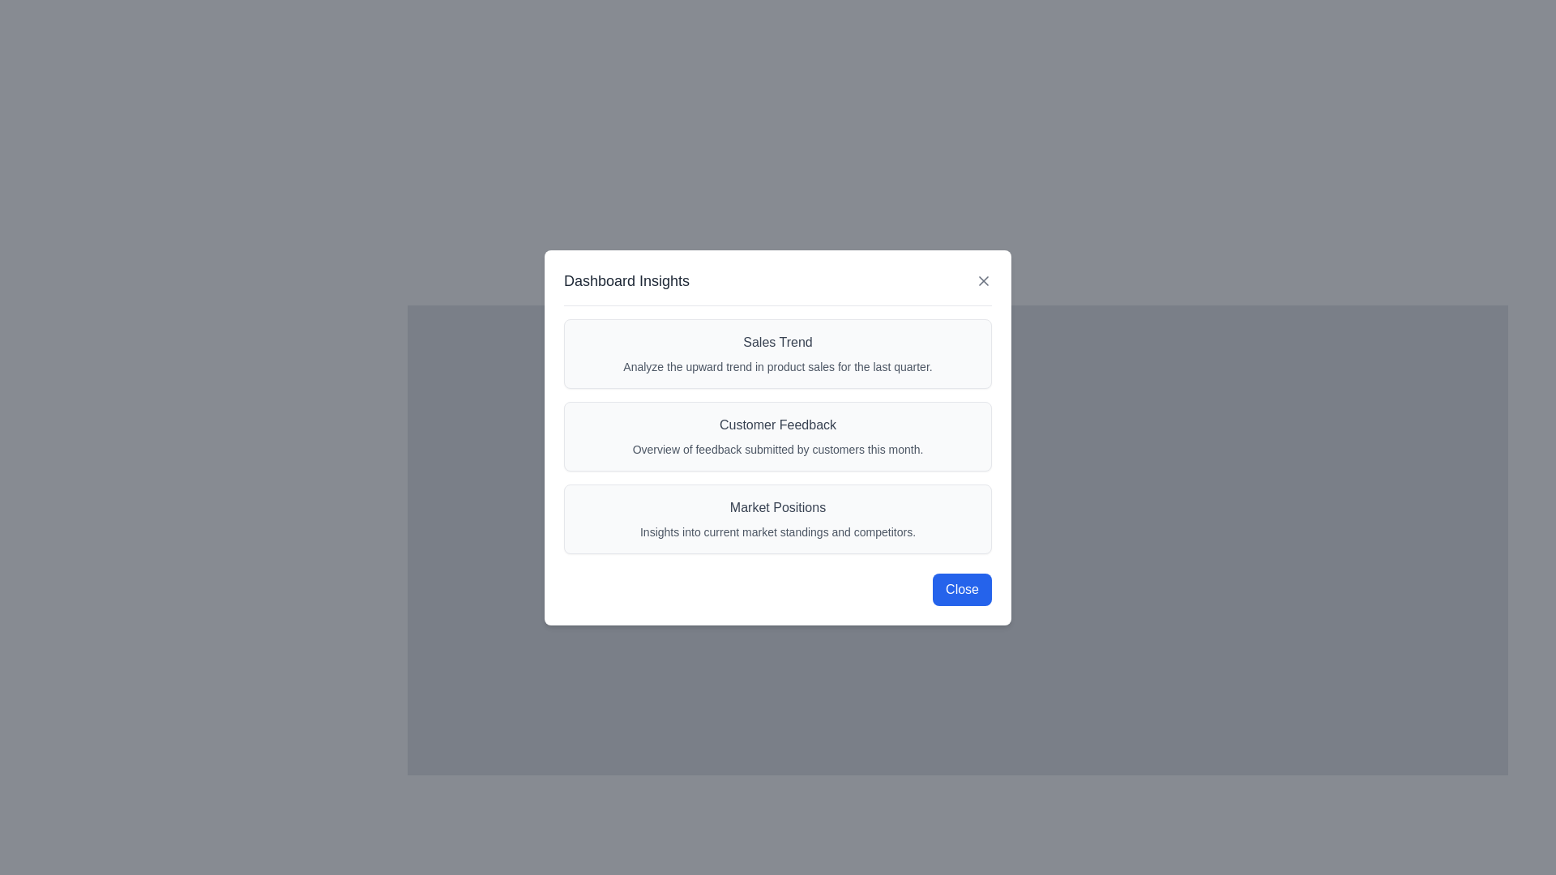 Image resolution: width=1556 pixels, height=875 pixels. What do you see at coordinates (778, 365) in the screenshot?
I see `the static text providing supplementary information about the 'Sales Trend' section, which is centrally aligned below the 'Sales Trend' heading in the dashboard insight panel` at bounding box center [778, 365].